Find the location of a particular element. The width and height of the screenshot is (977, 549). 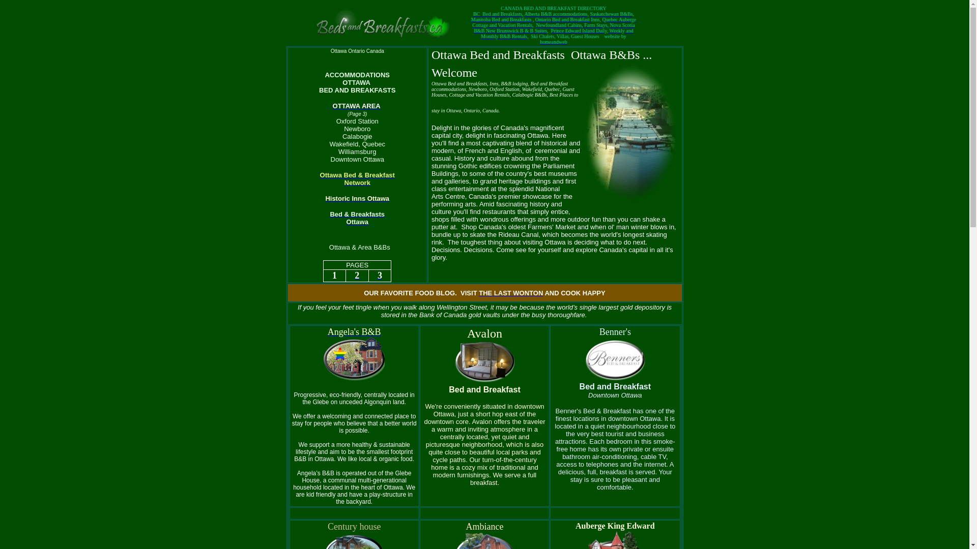

'OTTAWA AREA' is located at coordinates (356, 105).